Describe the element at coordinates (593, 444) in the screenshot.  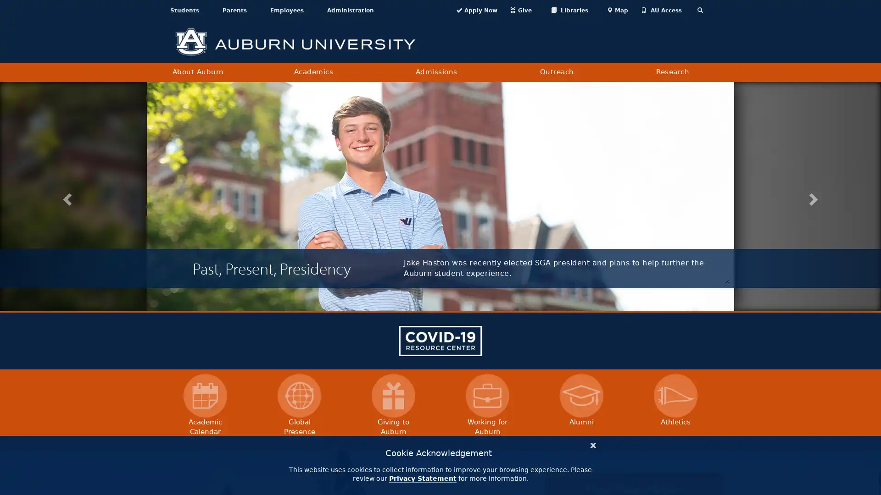
I see `Close` at that location.